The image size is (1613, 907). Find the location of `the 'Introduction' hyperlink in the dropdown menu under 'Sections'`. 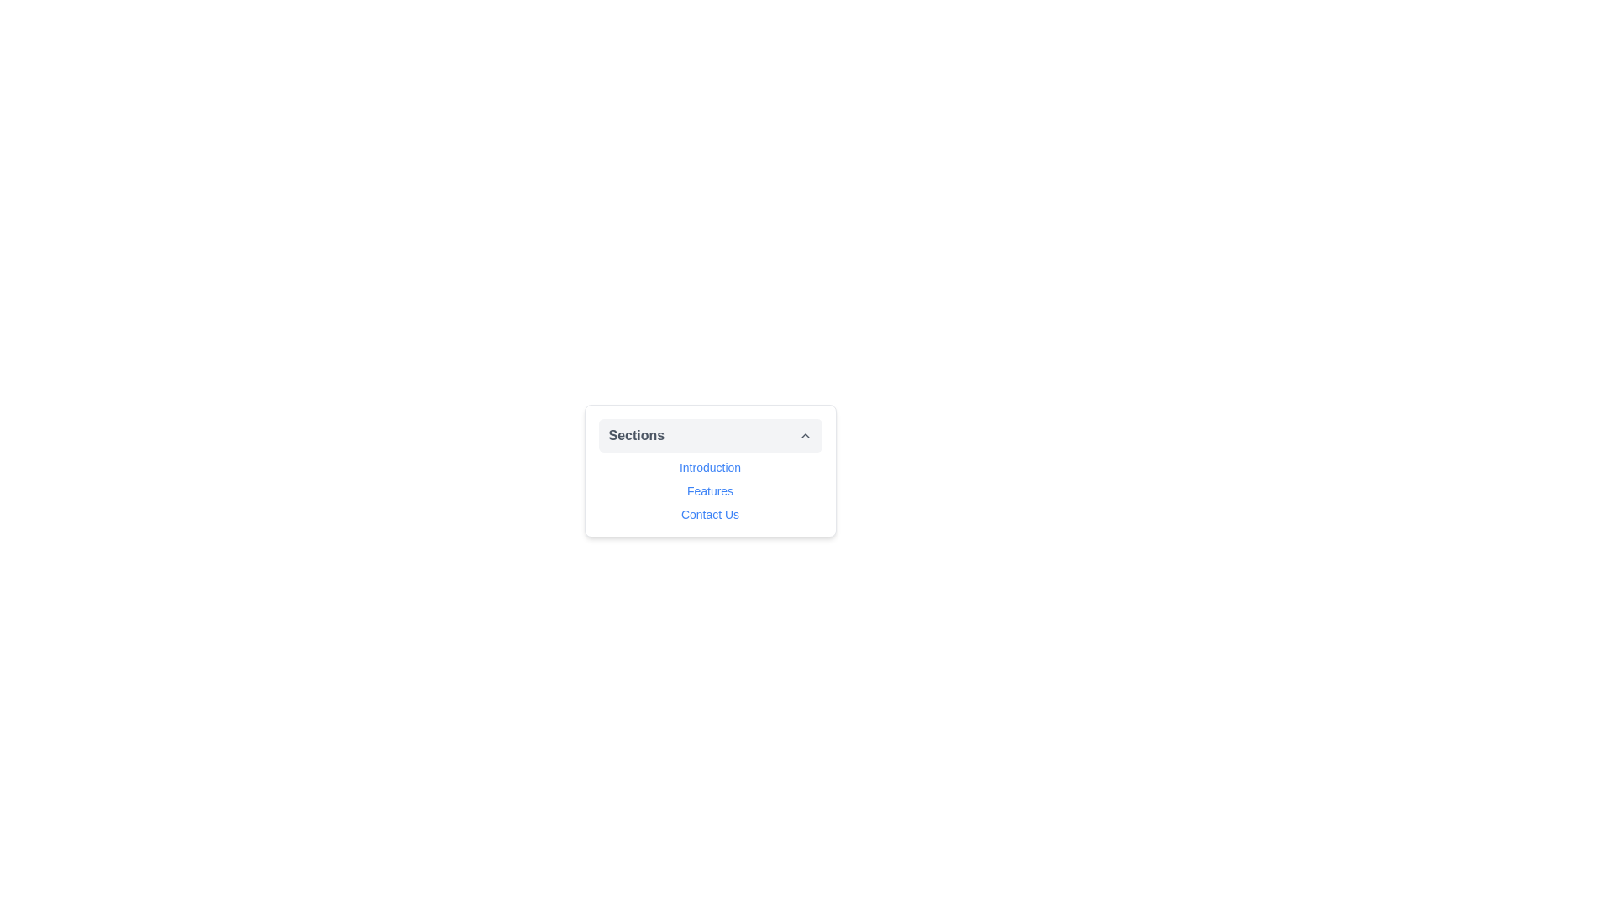

the 'Introduction' hyperlink in the dropdown menu under 'Sections' is located at coordinates (710, 467).